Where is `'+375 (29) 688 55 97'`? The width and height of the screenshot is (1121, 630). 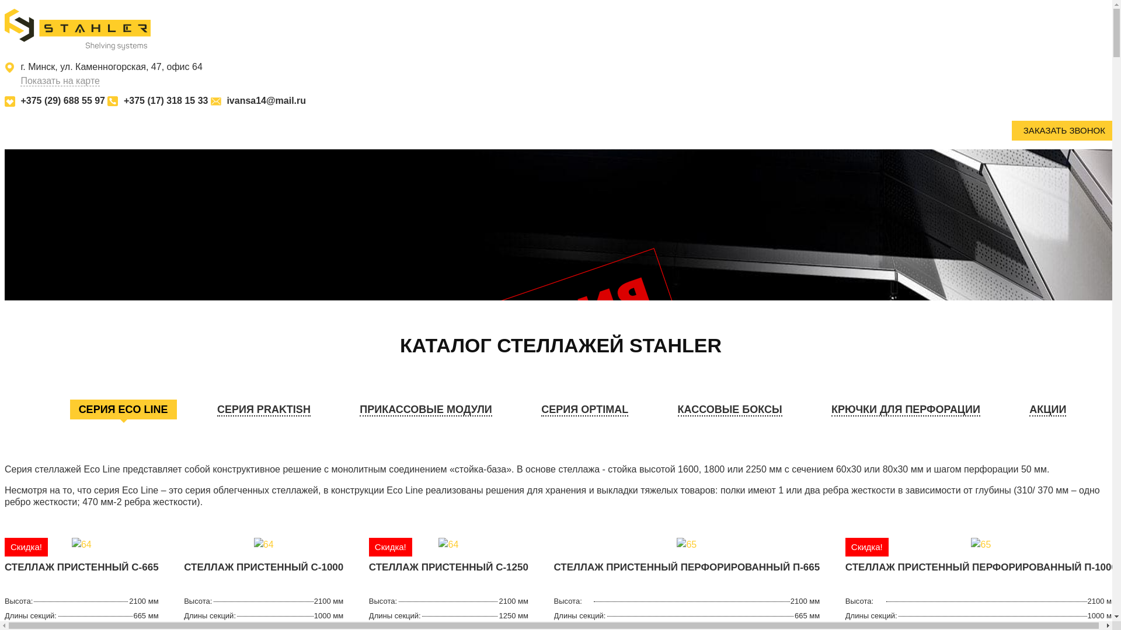
'+375 (29) 688 55 97' is located at coordinates (20, 100).